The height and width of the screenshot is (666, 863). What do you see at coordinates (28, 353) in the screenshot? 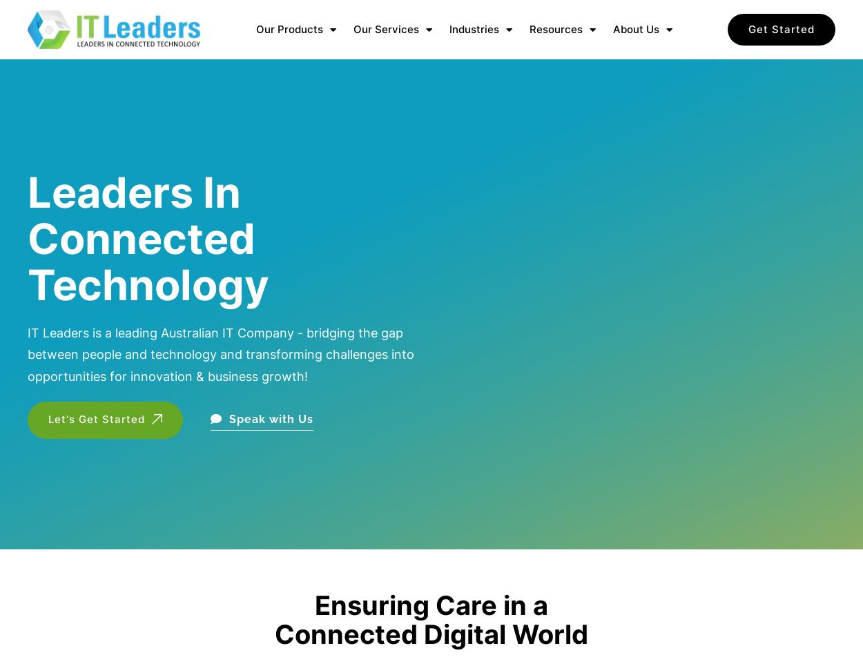
I see `'IT Leaders is a leading Australian IT Company - bridging the gap between people and technology and transforming challenges into opportunities for innovation & business growth!'` at bounding box center [28, 353].